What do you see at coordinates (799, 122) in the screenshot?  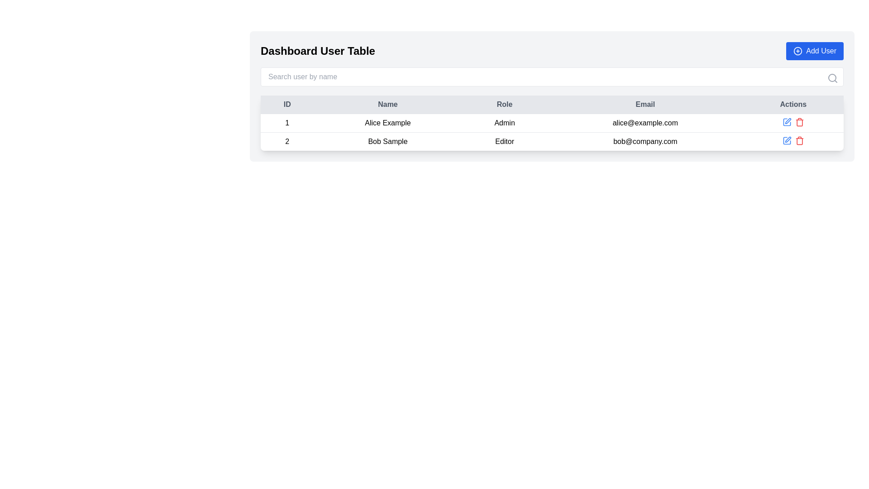 I see `the red-colored trash bin icon button located in the 'Actions' column of the second row of the user table` at bounding box center [799, 122].